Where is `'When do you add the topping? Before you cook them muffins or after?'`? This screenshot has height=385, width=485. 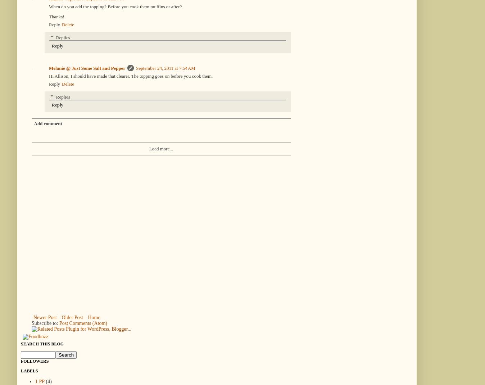 'When do you add the topping? Before you cook them muffins or after?' is located at coordinates (49, 6).